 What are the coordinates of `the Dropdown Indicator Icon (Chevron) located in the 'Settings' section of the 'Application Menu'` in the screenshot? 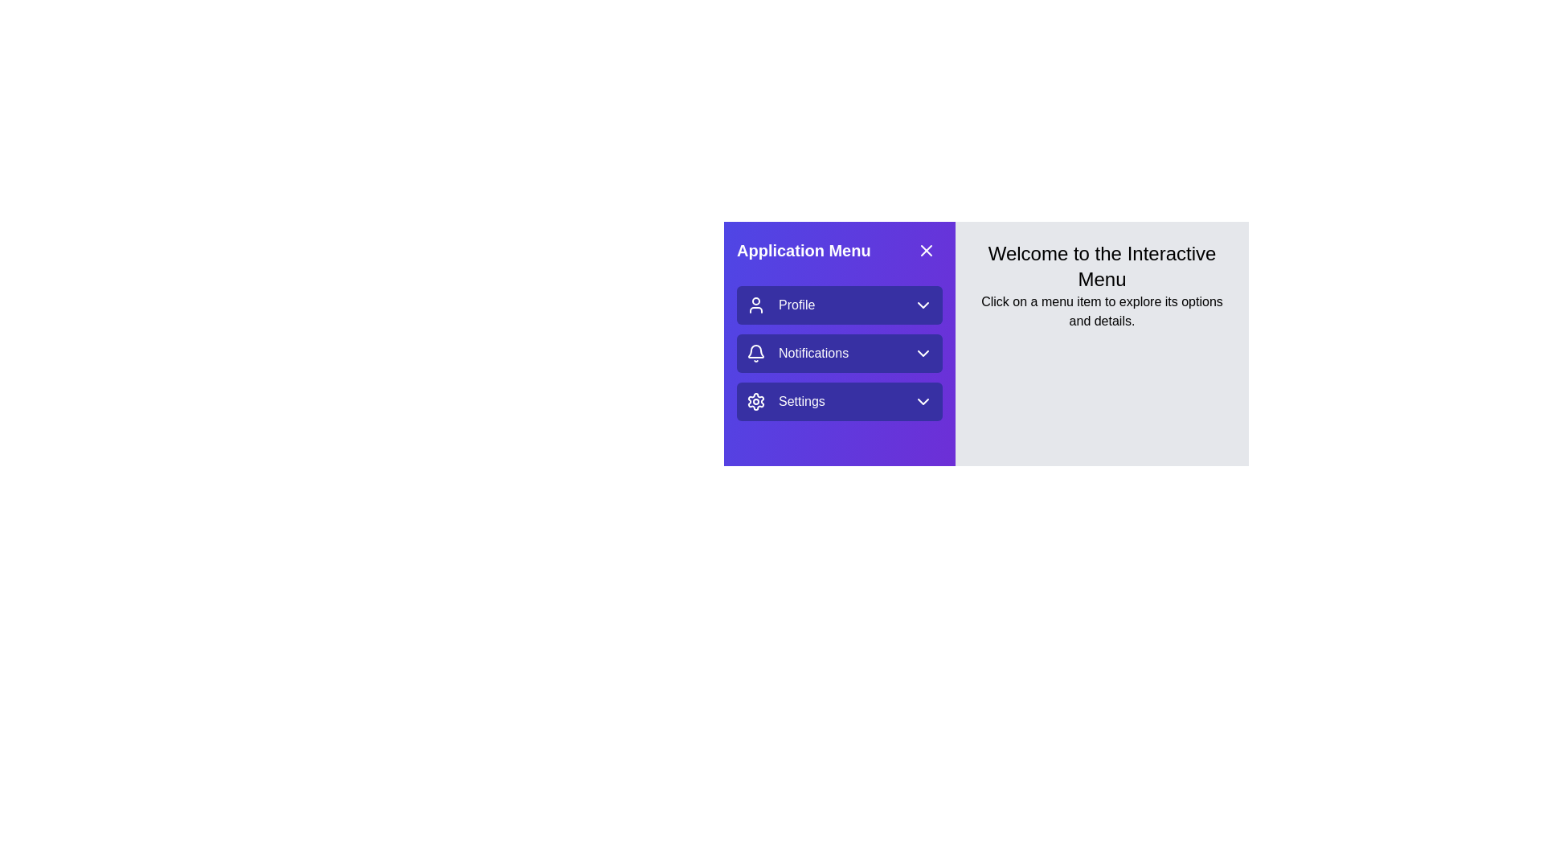 It's located at (923, 401).